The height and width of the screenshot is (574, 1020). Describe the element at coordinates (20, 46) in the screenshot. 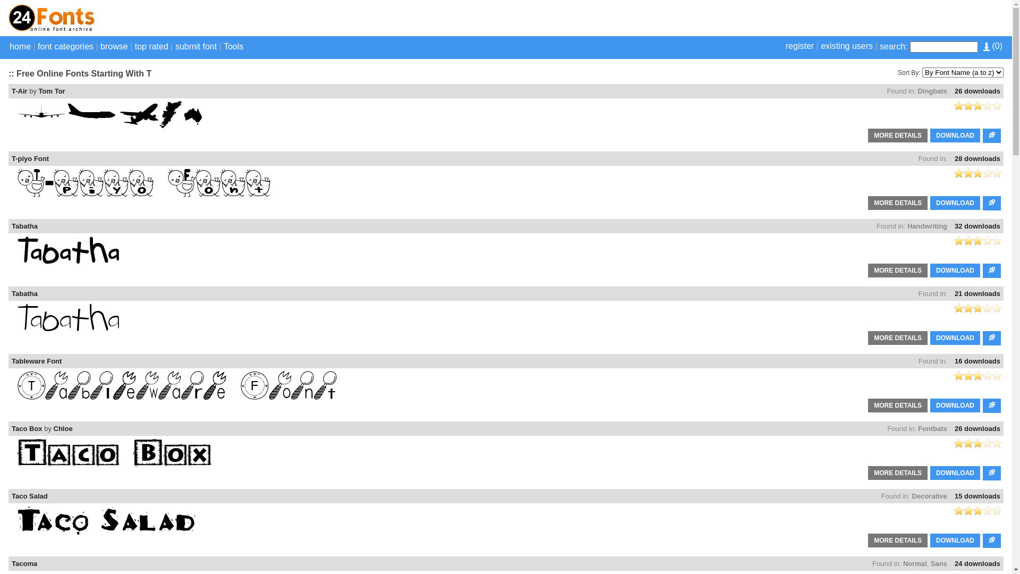

I see `'home'` at that location.